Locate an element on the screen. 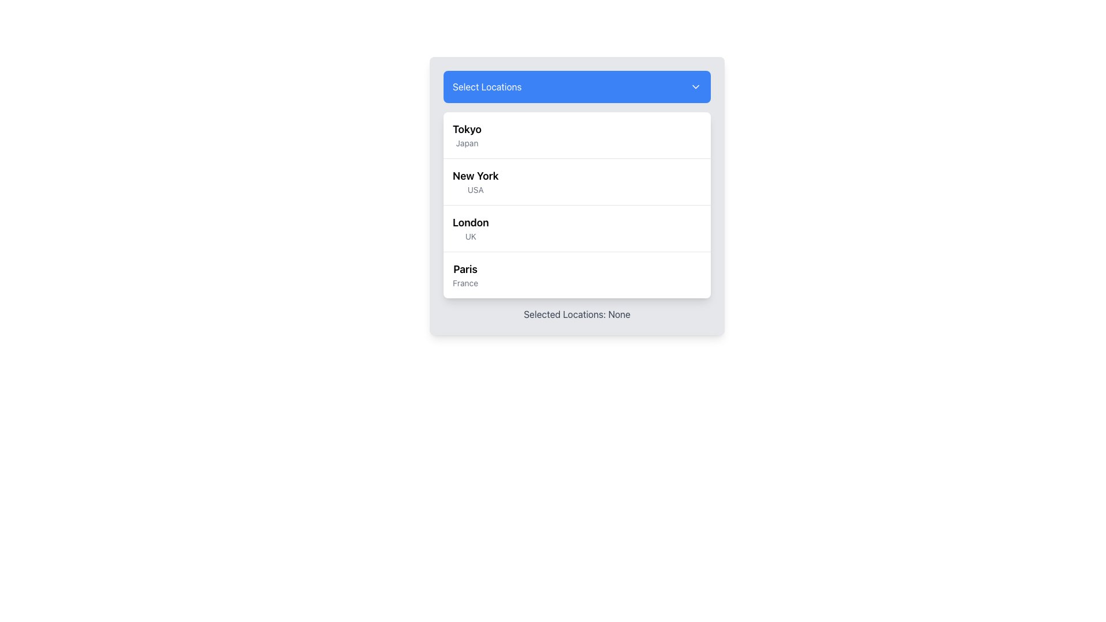 The height and width of the screenshot is (622, 1106). the static text display that indicates selected items, which shows 'None' when no items are selected, located beneath the list of selectable locations is located at coordinates (577, 314).